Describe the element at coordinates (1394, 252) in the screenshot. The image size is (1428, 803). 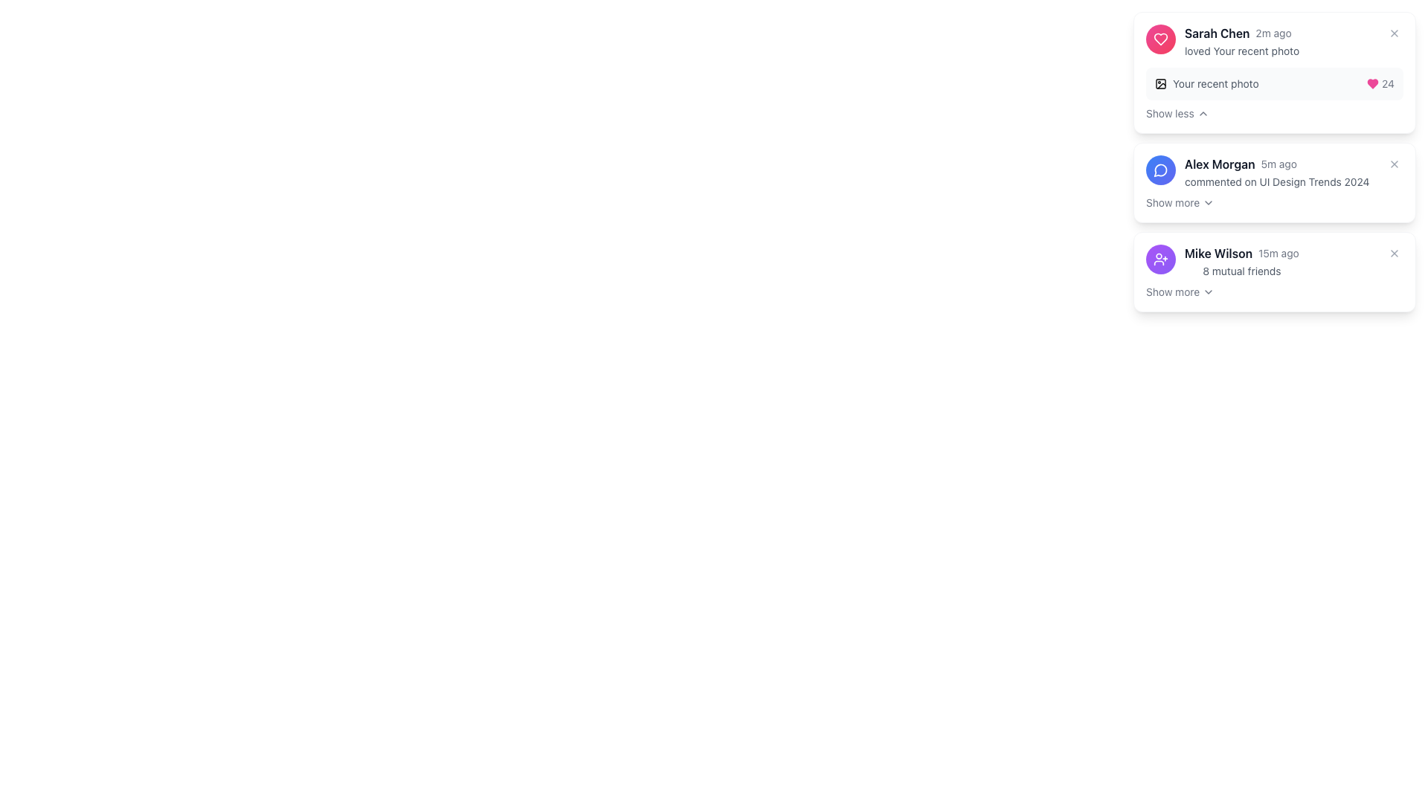
I see `the dismiss button located at the top-right corner of the card displaying activity details of 'Mike Wilson' to change the background color` at that location.